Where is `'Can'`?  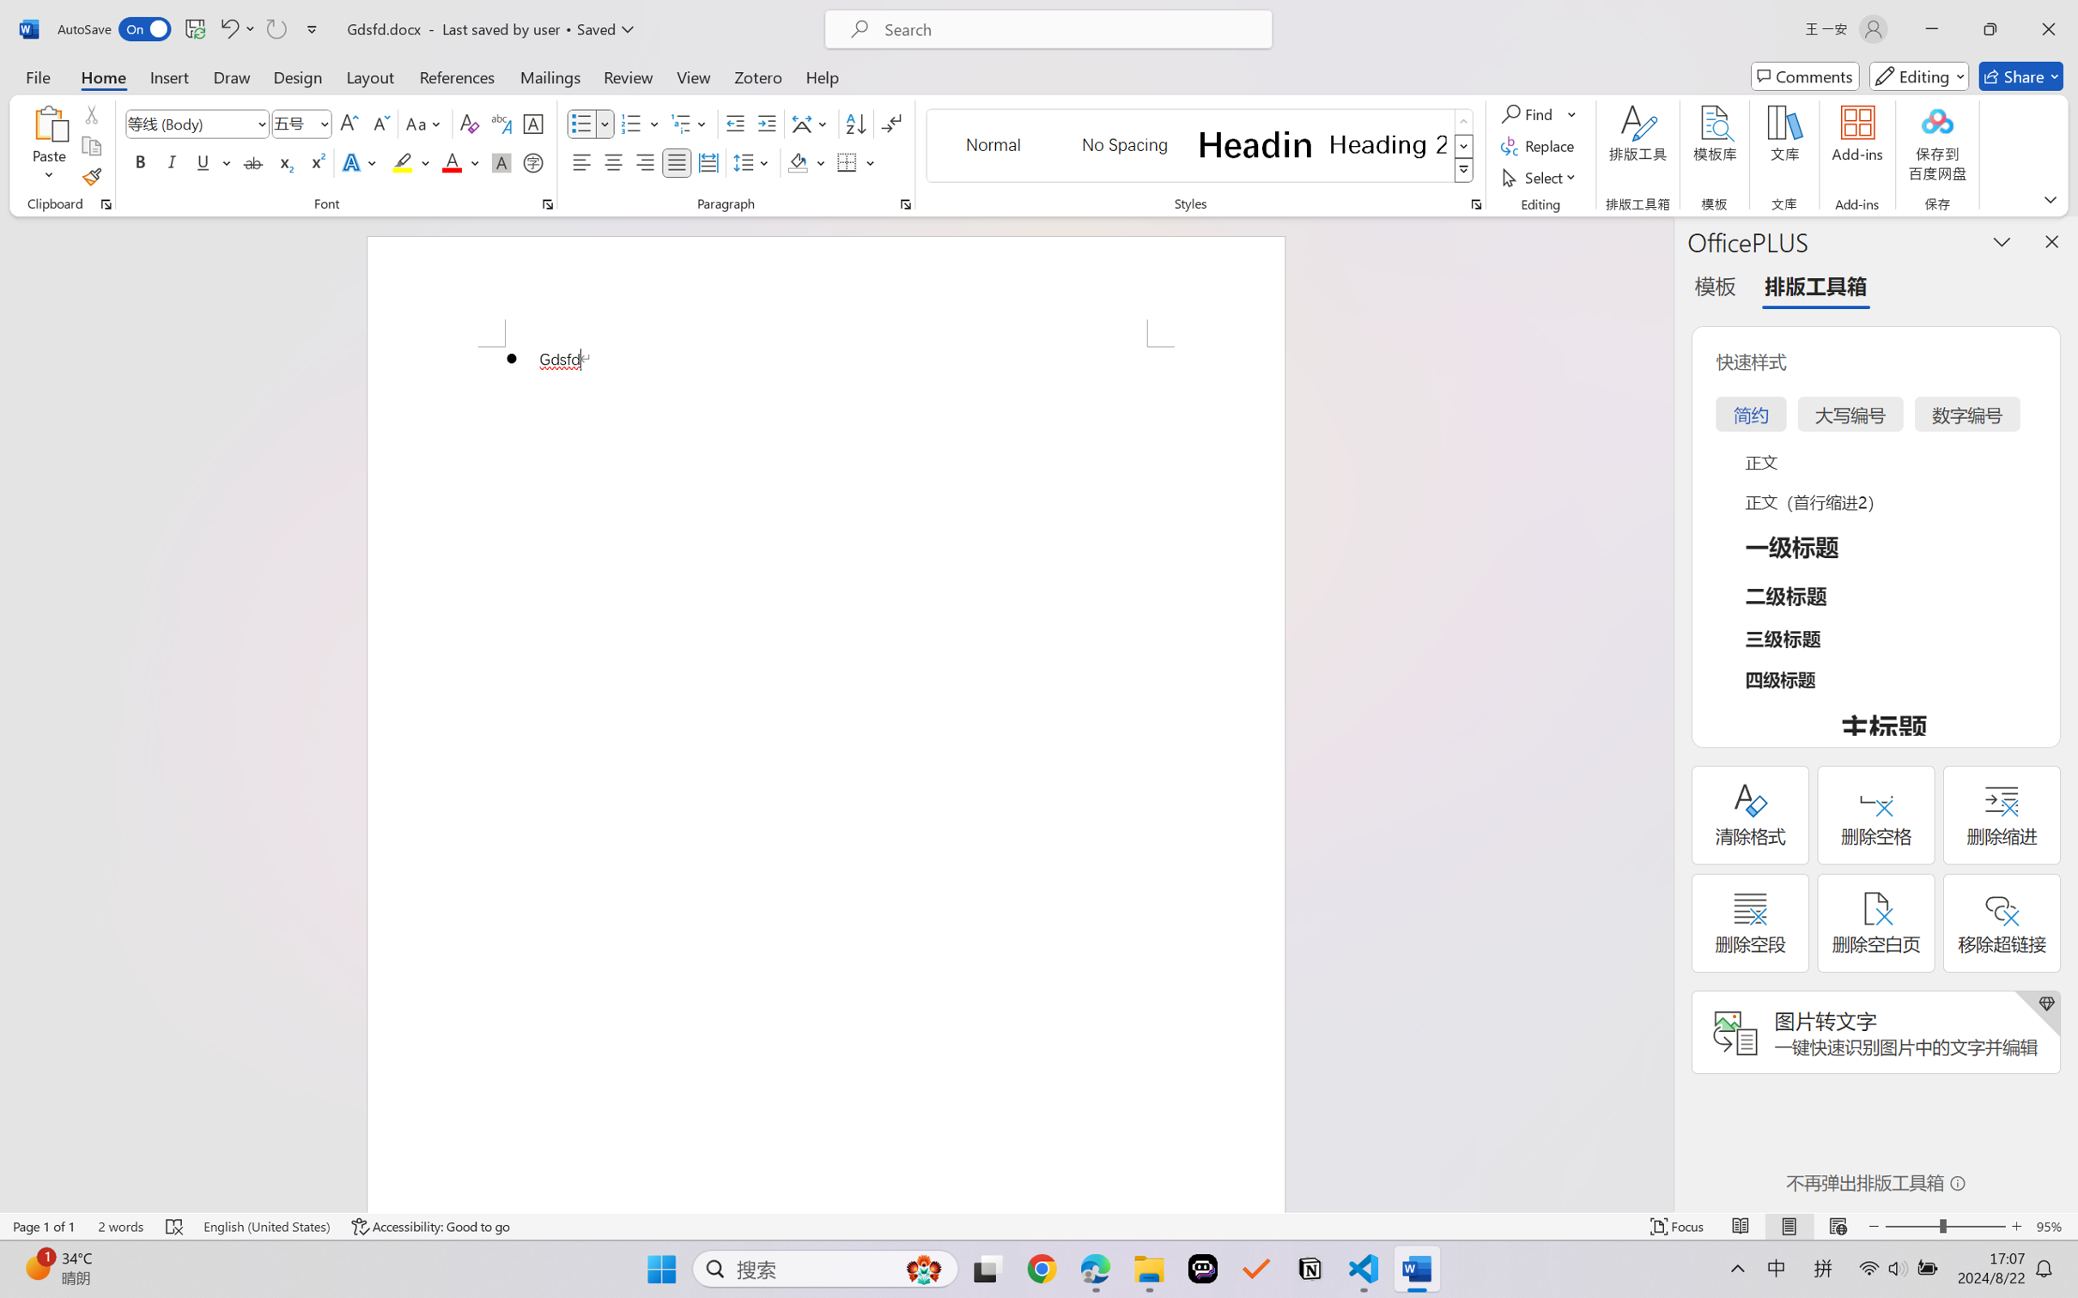 'Can' is located at coordinates (275, 28).